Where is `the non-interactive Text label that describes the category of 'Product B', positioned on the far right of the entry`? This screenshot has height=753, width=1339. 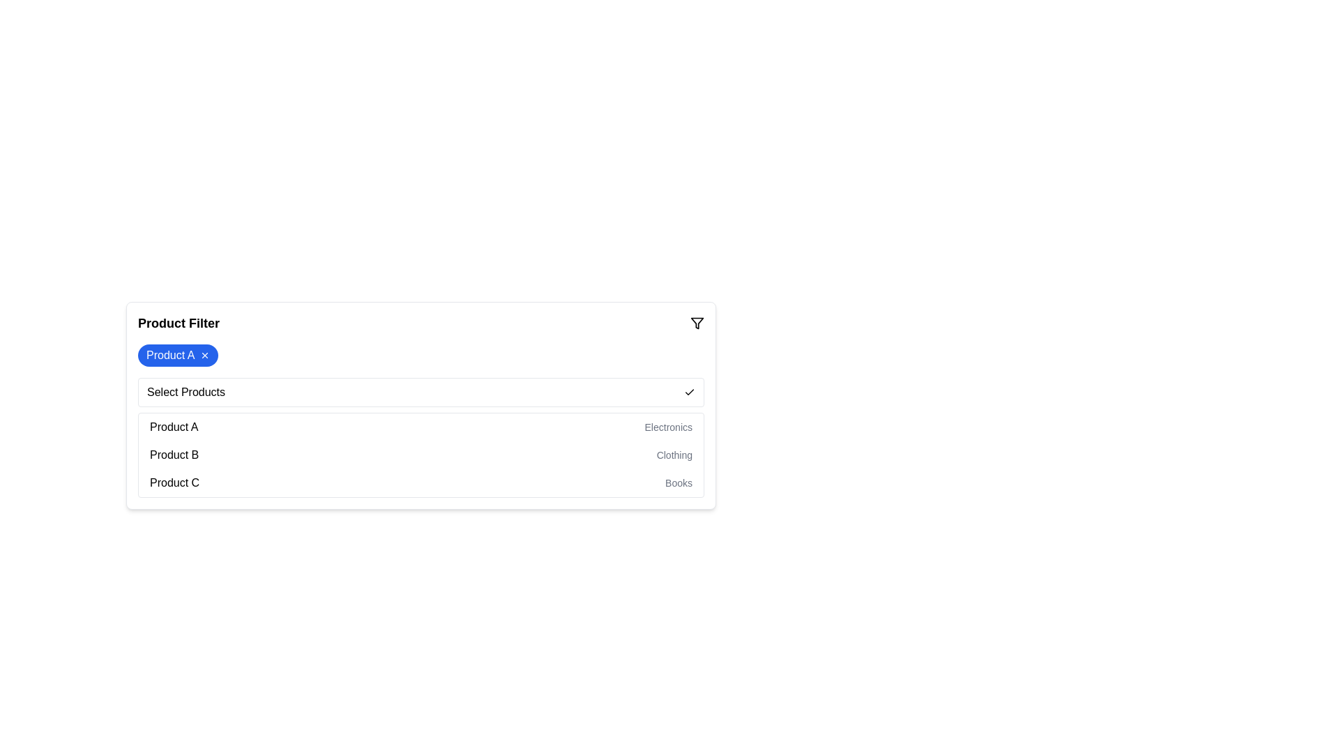
the non-interactive Text label that describes the category of 'Product B', positioned on the far right of the entry is located at coordinates (674, 455).